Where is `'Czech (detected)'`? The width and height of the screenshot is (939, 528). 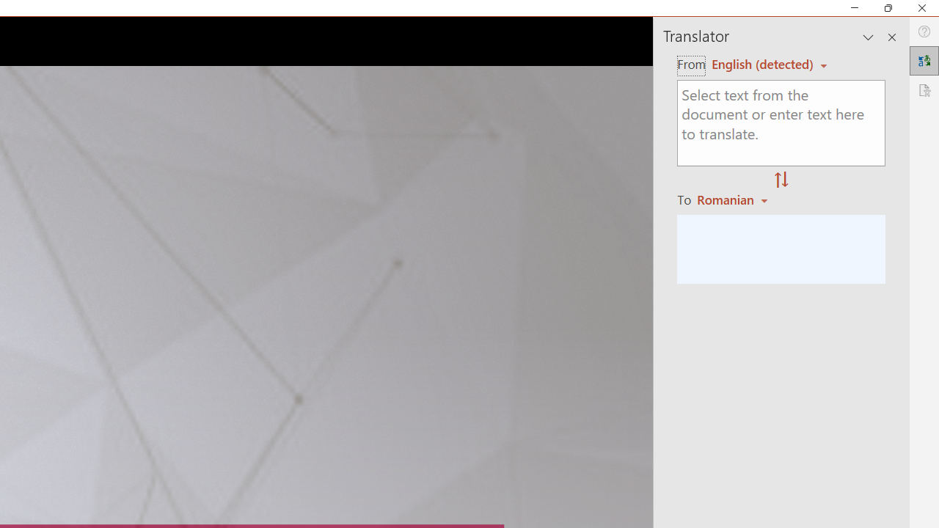 'Czech (detected)' is located at coordinates (763, 63).